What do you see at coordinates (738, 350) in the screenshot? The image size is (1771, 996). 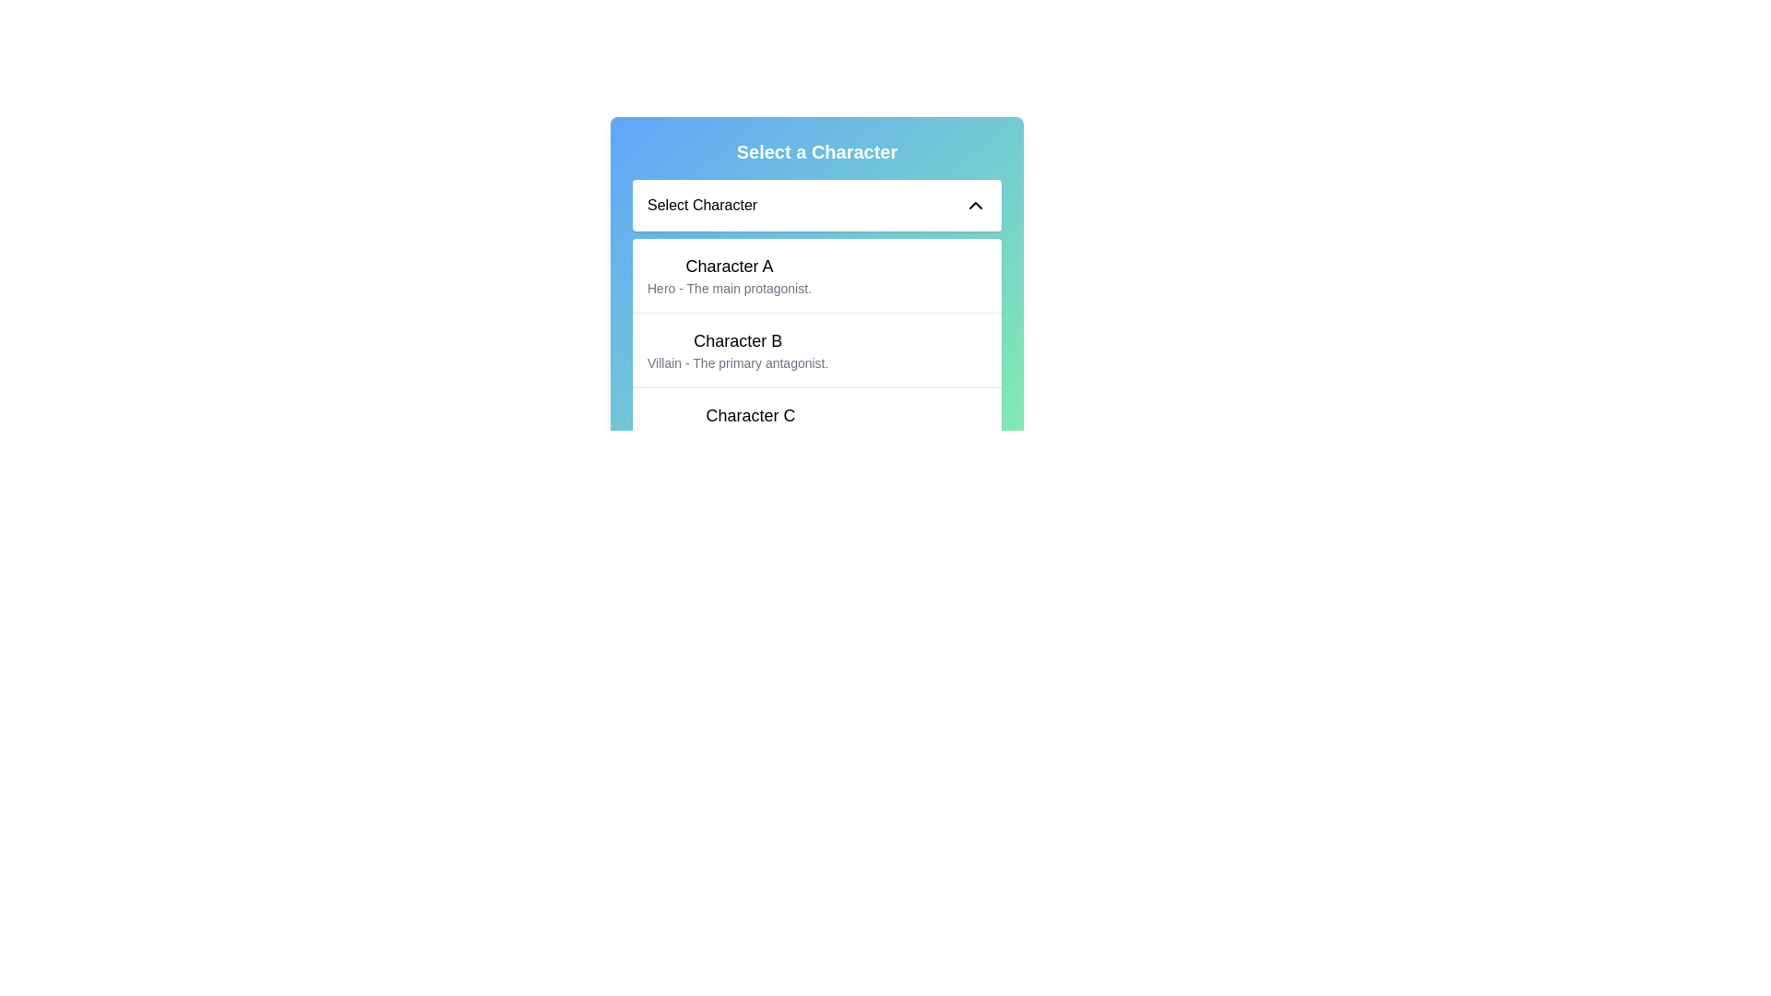 I see `the selectable item for 'Character B' in the character selection dropdown menu` at bounding box center [738, 350].